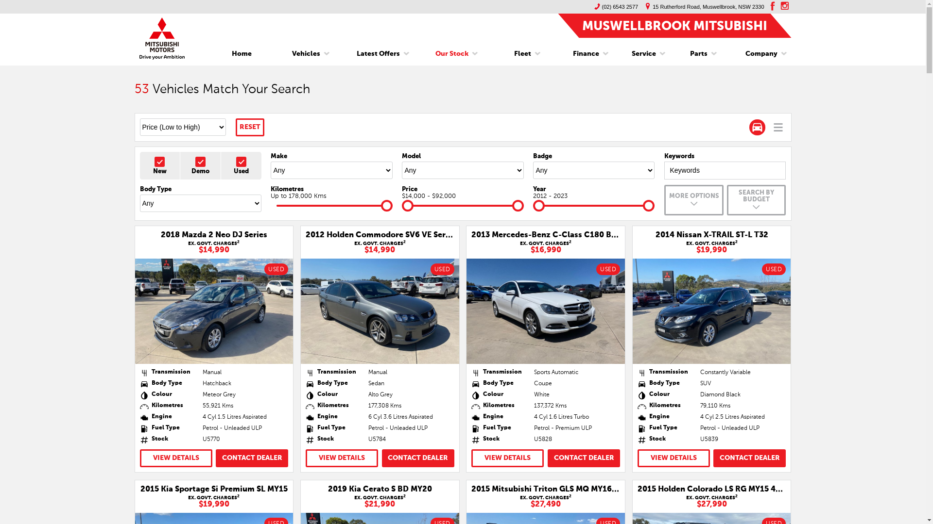  What do you see at coordinates (546, 501) in the screenshot?
I see `'EX. GOVT. CHARGES2` at bounding box center [546, 501].